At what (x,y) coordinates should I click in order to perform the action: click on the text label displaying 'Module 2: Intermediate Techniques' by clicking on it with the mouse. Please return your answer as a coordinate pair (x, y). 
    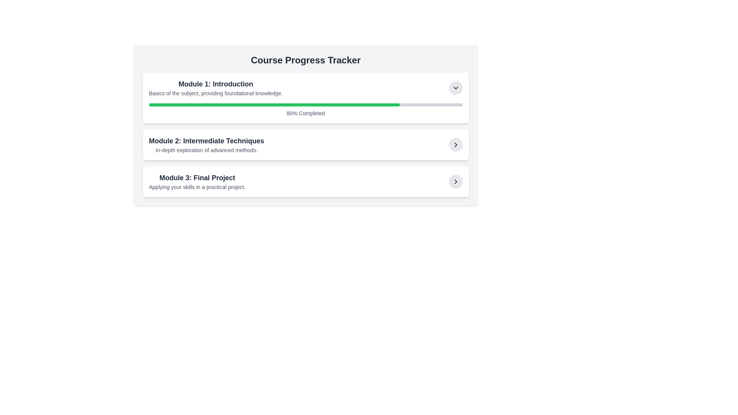
    Looking at the image, I should click on (206, 141).